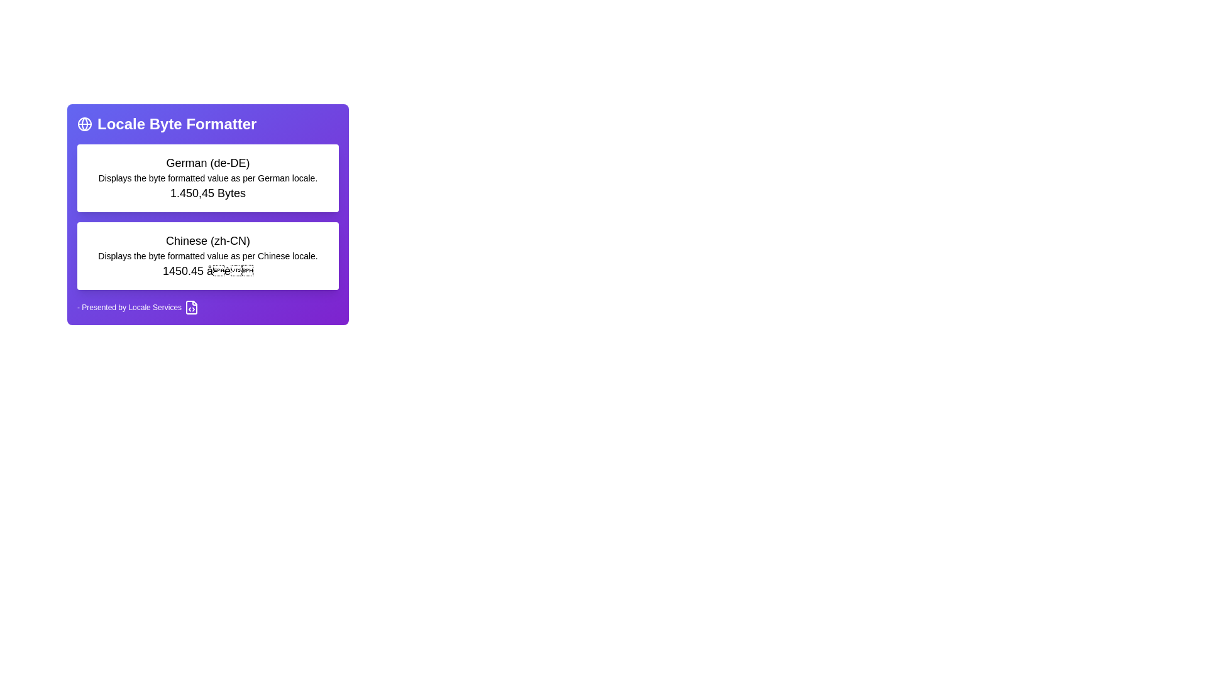  I want to click on the icon representing code or scripting functionality, located to the far right next to the text node '- Presented by Locale Services', within a purple-styled card, so click(191, 307).